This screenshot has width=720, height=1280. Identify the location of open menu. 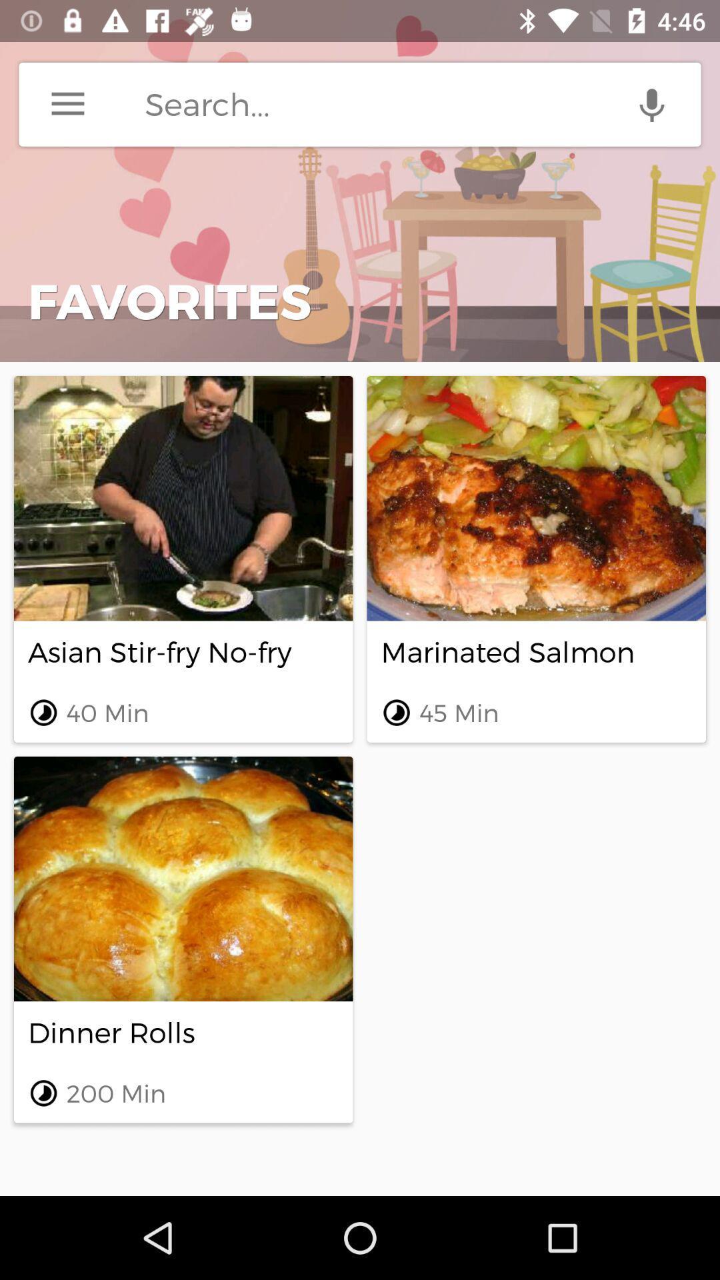
(67, 103).